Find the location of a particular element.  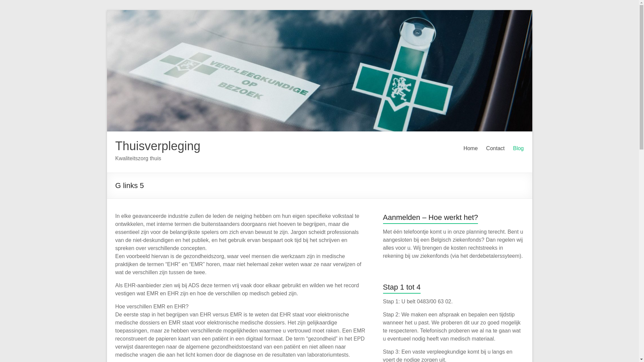

'Blog' is located at coordinates (518, 148).